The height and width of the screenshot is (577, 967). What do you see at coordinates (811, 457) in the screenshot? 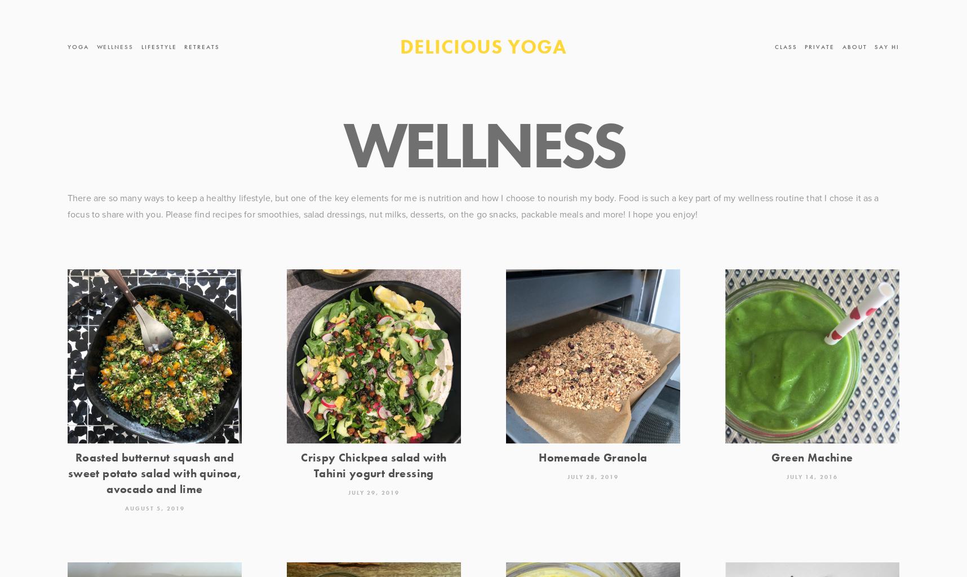
I see `'Green Machine'` at bounding box center [811, 457].